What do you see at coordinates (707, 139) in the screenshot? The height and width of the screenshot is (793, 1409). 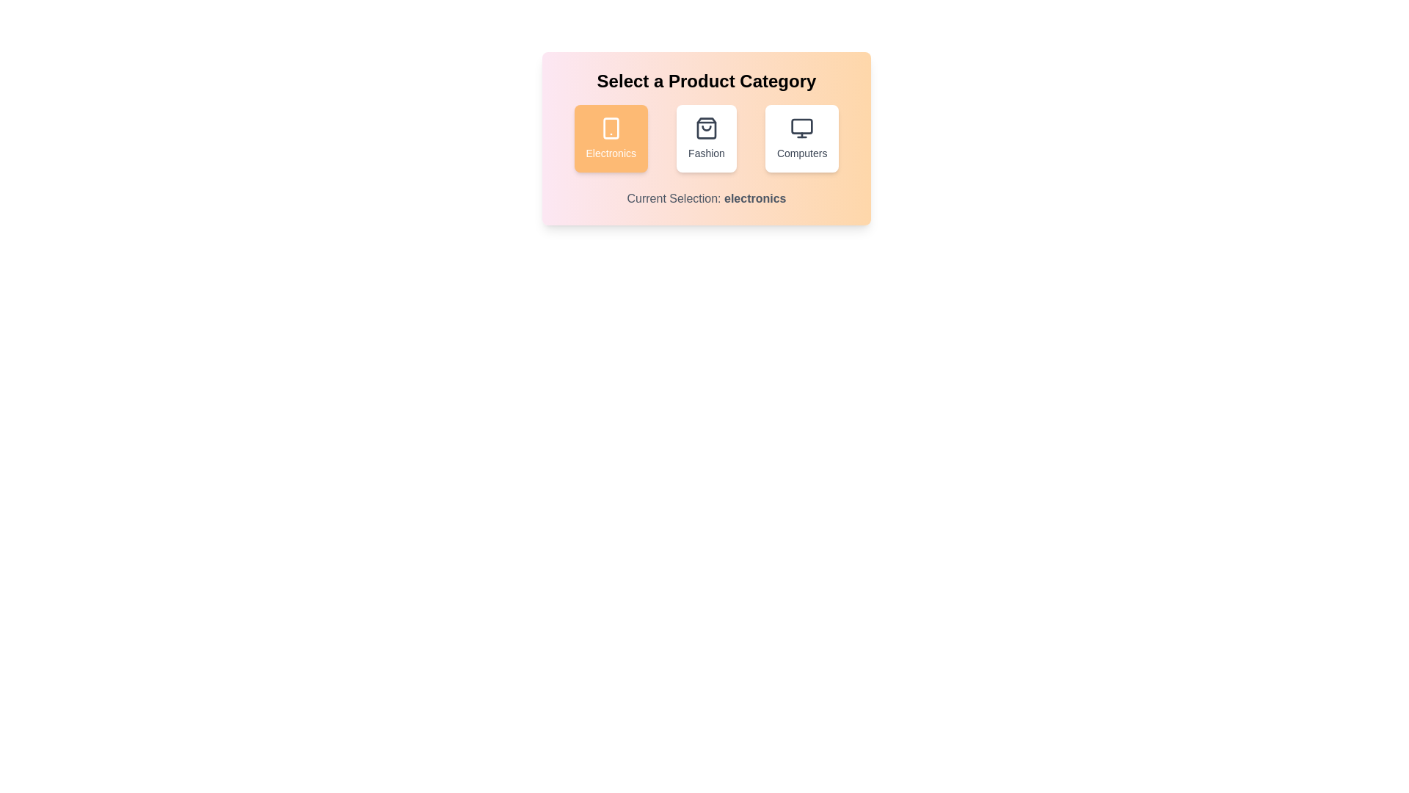 I see `the 'Fashion' button to select the Fashion category` at bounding box center [707, 139].